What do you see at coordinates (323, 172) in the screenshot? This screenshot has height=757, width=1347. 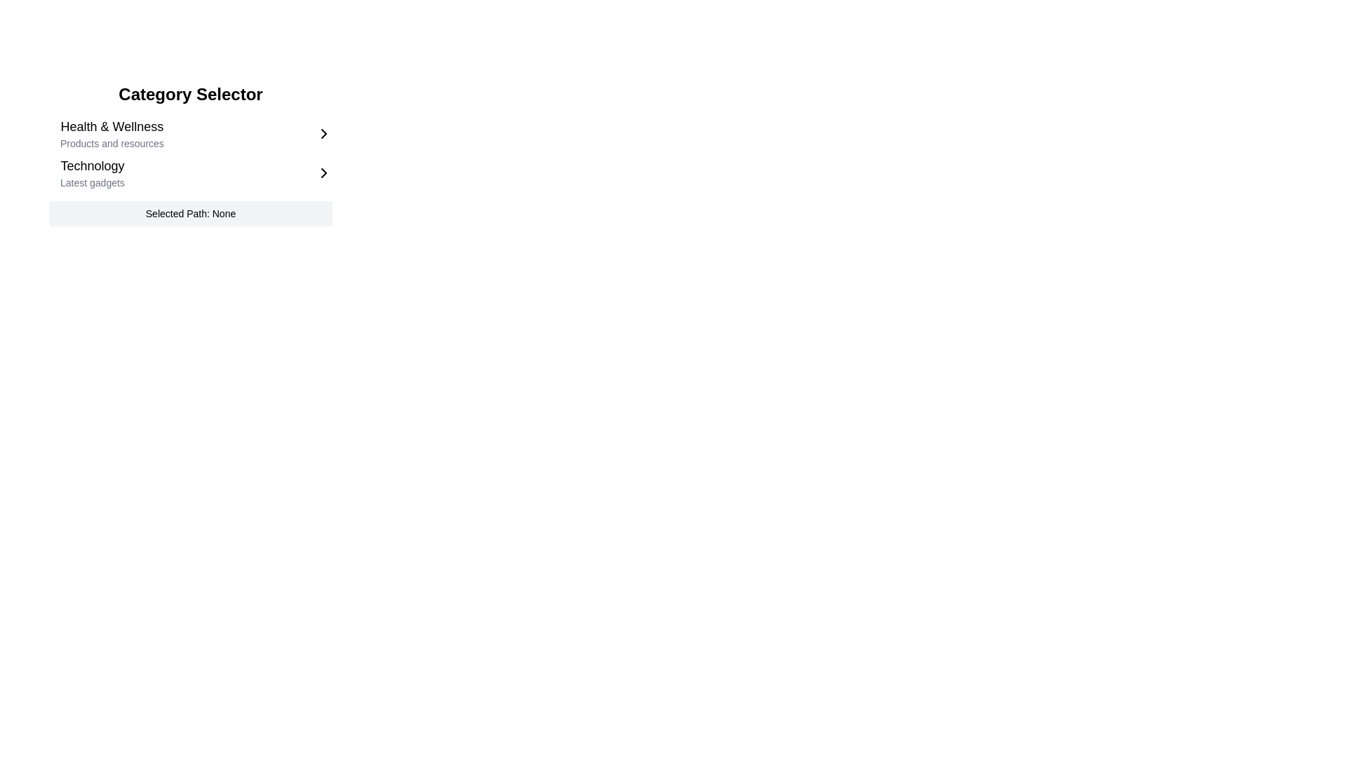 I see `the Technology category indicator icon, which is located at the far right end of the 'Technology' list item, adjacent to the text 'Technology' and 'Latest gadgets'` at bounding box center [323, 172].